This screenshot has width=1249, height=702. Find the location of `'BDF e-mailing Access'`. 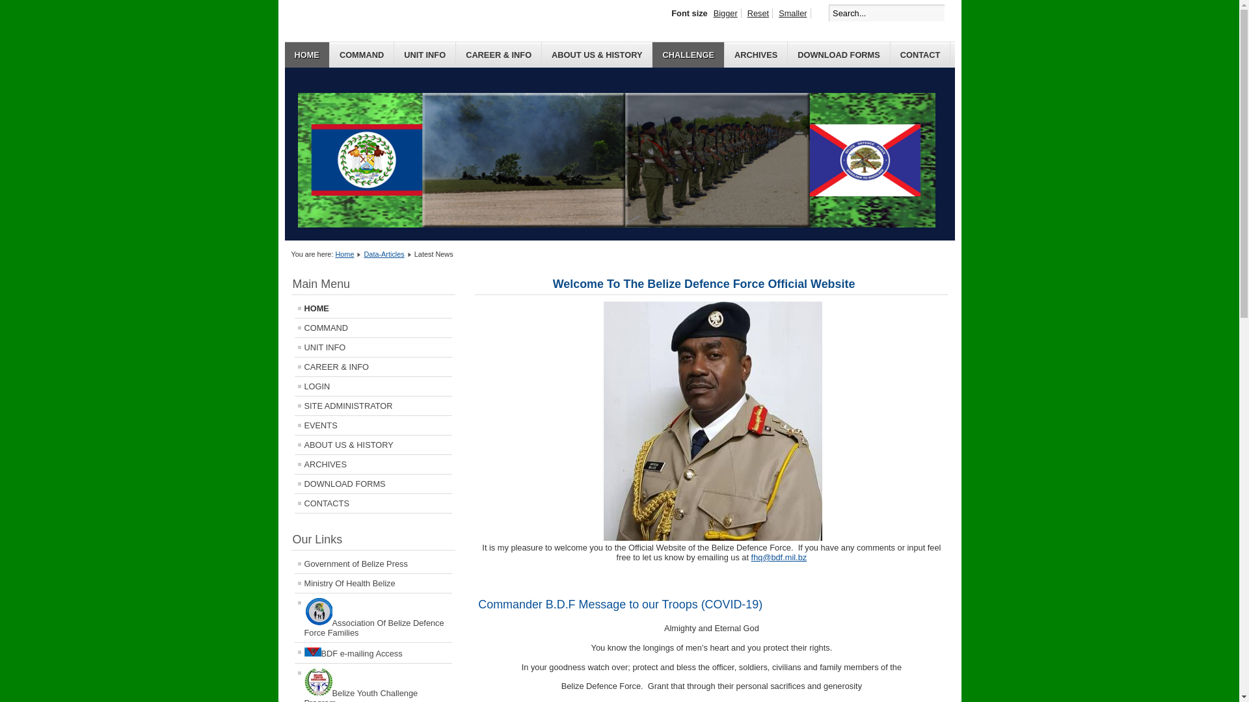

'BDF e-mailing Access' is located at coordinates (372, 653).